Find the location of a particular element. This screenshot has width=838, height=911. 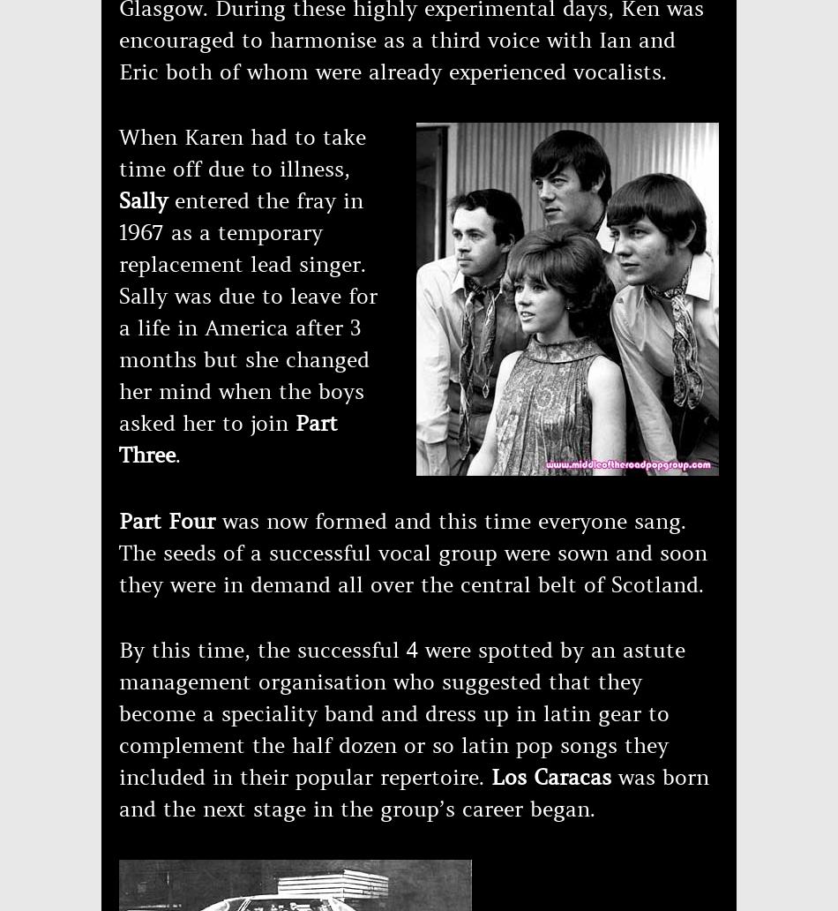

'.' is located at coordinates (176, 455).